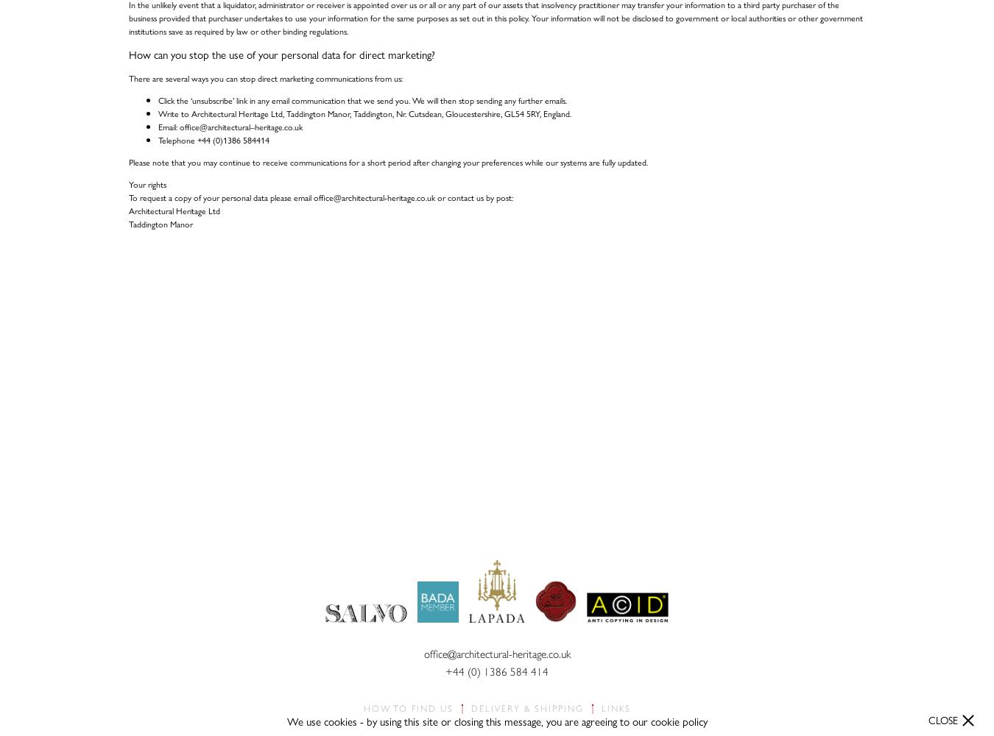 This screenshot has width=994, height=736. What do you see at coordinates (677, 720) in the screenshot?
I see `'cookie policy'` at bounding box center [677, 720].